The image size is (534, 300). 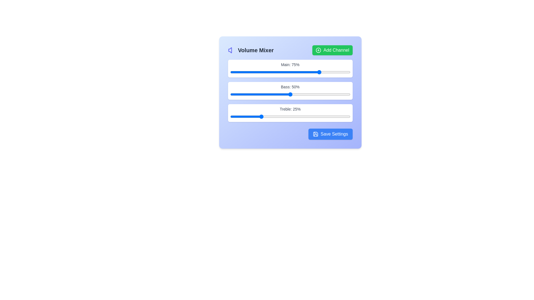 What do you see at coordinates (236, 72) in the screenshot?
I see `the main volume` at bounding box center [236, 72].